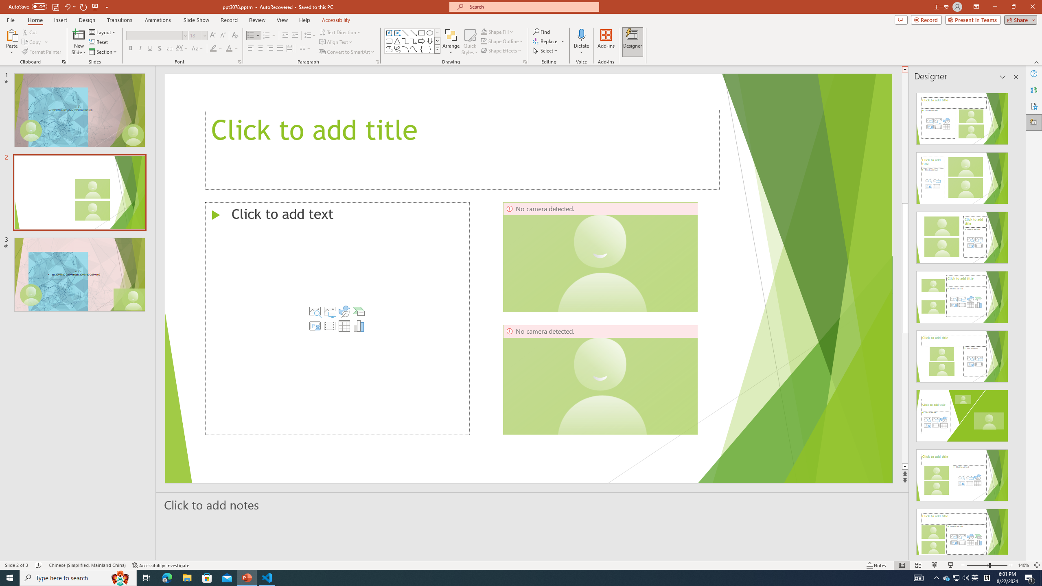 Image resolution: width=1042 pixels, height=586 pixels. Describe the element at coordinates (336, 42) in the screenshot. I see `'Align Text'` at that location.